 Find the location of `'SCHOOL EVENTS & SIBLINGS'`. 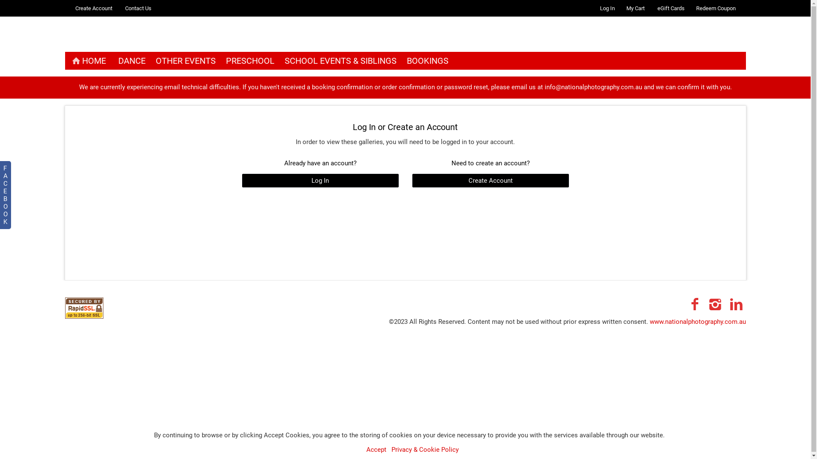

'SCHOOL EVENTS & SIBLINGS' is located at coordinates (340, 60).